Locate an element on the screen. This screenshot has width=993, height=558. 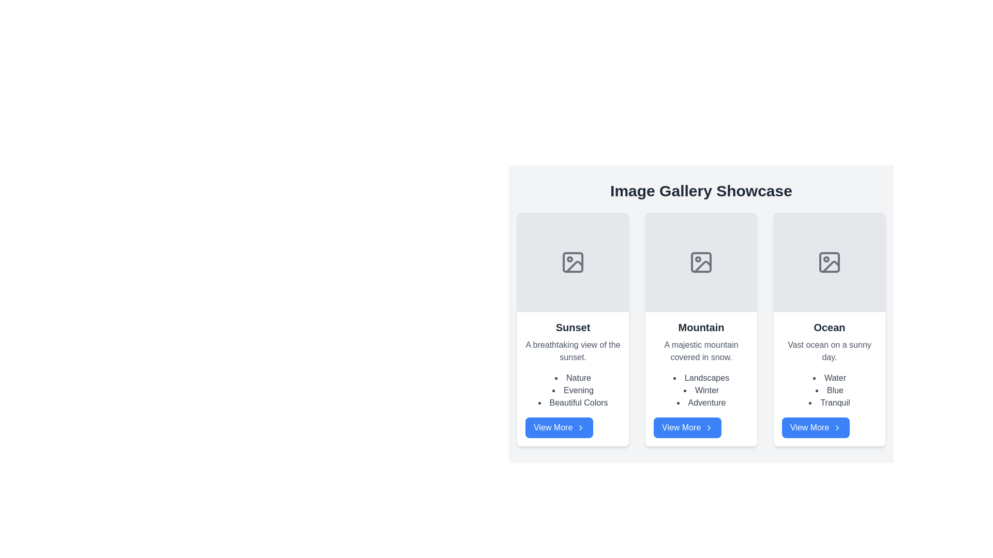
the Image Placeholder at the top portion of the card labeled 'Mountain', which is centrally positioned above the descriptive text is located at coordinates (701, 262).